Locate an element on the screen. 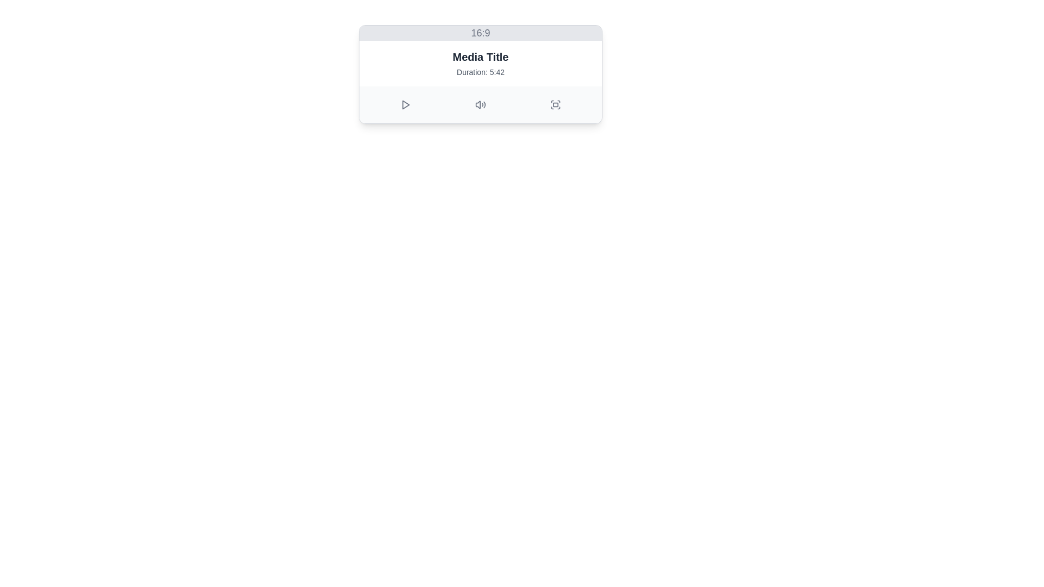  the volume icon, which is a small speaker-shaped icon located at the center of the media control card, representing volume settings is located at coordinates (478, 104).